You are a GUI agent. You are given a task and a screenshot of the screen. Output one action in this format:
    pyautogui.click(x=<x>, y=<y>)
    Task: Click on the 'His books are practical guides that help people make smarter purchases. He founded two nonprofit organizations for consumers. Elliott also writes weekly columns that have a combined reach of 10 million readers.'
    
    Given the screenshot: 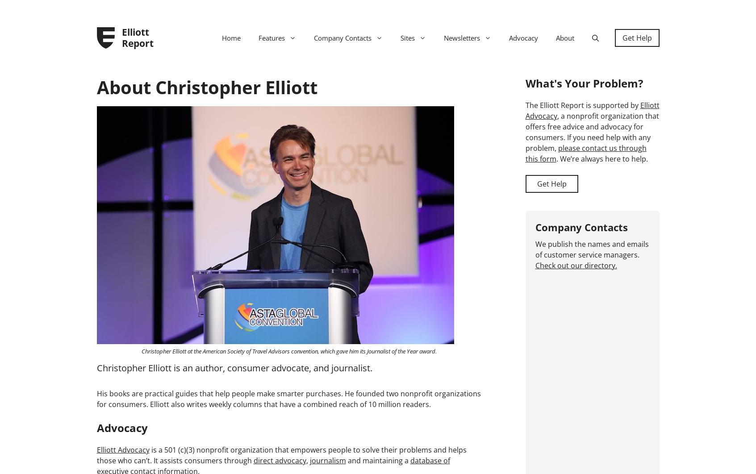 What is the action you would take?
    pyautogui.click(x=96, y=398)
    